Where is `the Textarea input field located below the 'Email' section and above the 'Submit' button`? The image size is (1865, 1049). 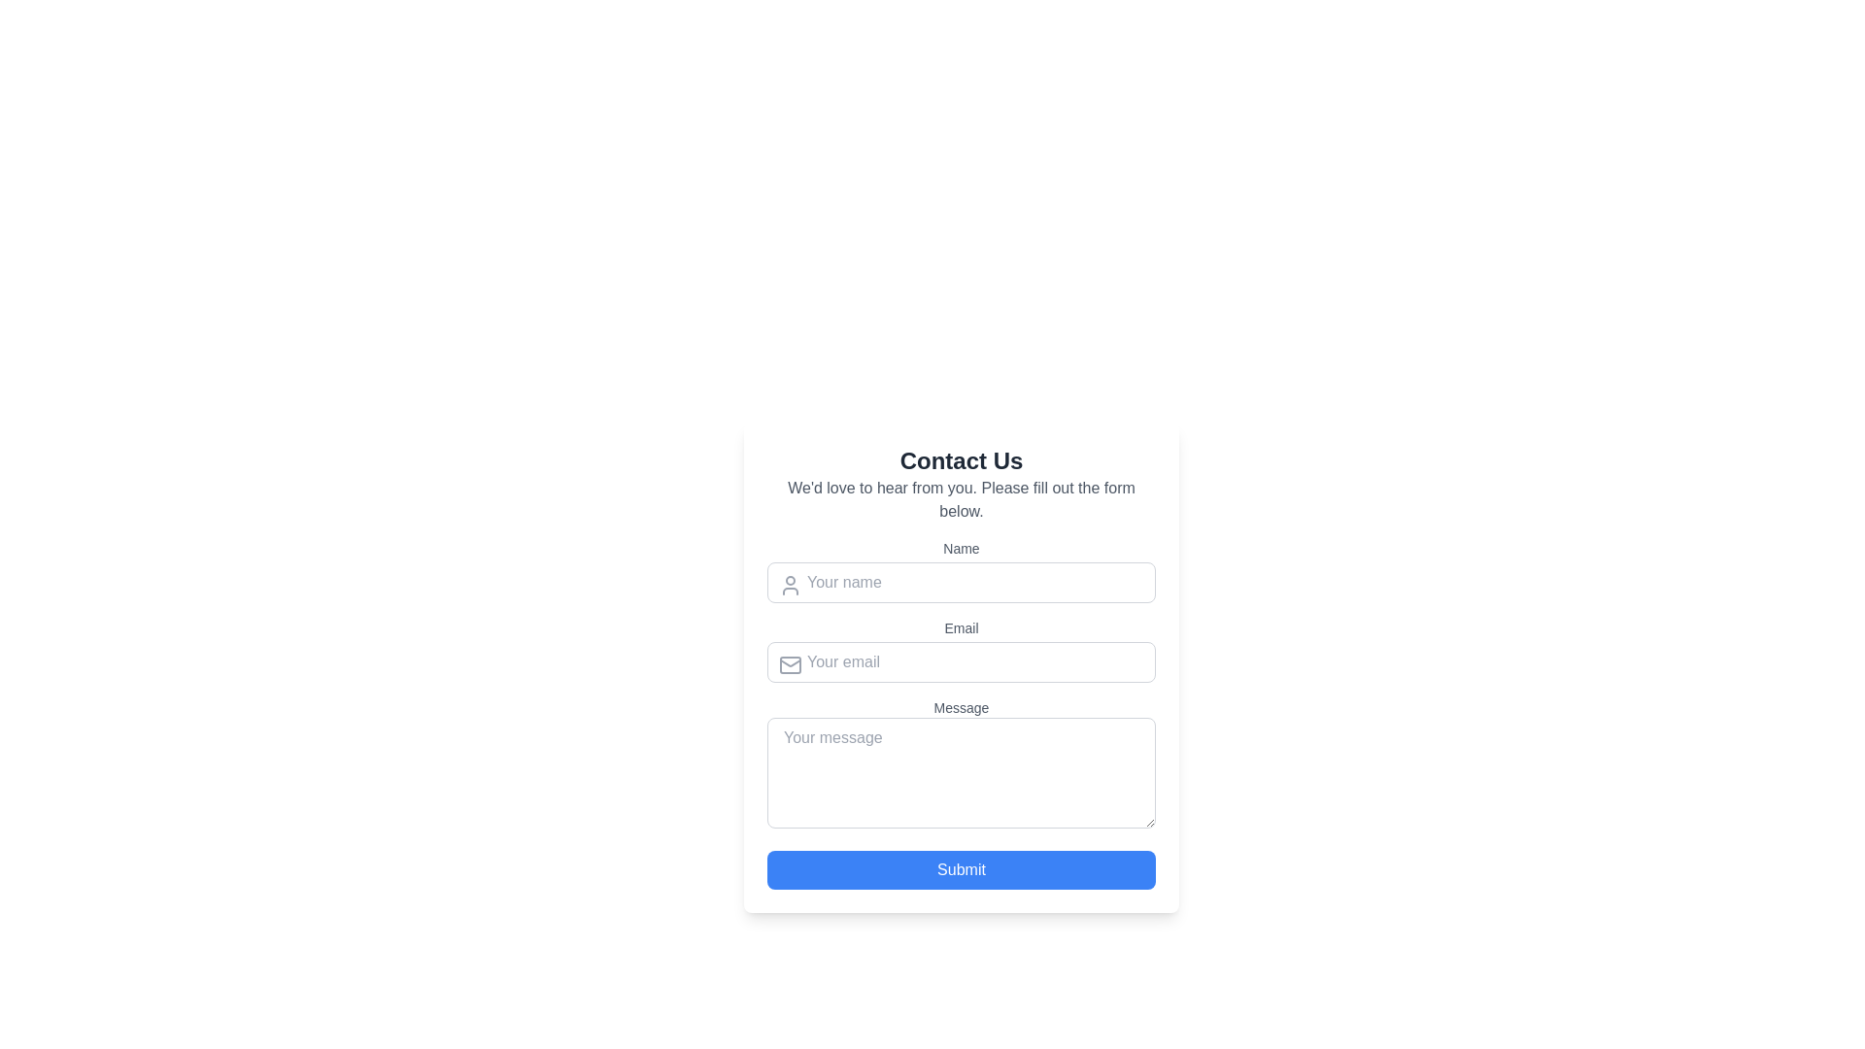 the Textarea input field located below the 'Email' section and above the 'Submit' button is located at coordinates (961, 765).